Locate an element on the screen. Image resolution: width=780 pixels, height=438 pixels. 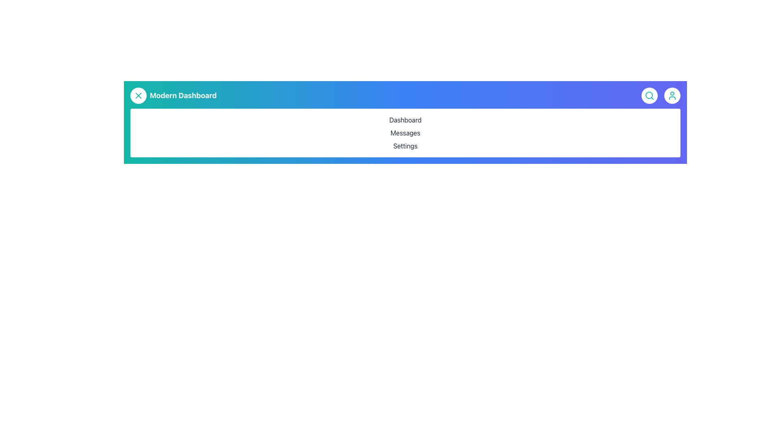
the Circle element that is part of the SVG graphic indicating search functionality, which is positioned as the inner circular part of a magnifying glass icon is located at coordinates (649, 95).